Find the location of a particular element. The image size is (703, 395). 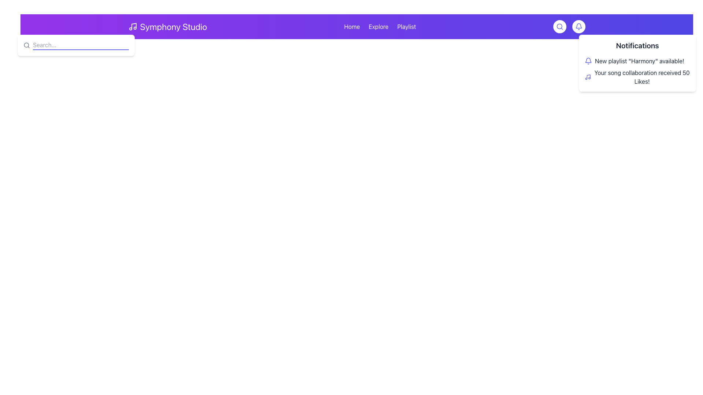

text from the notifications dropdown menu that informs the user about the availability of a new playlist called 'Harmony', located below the bell icon is located at coordinates (639, 60).